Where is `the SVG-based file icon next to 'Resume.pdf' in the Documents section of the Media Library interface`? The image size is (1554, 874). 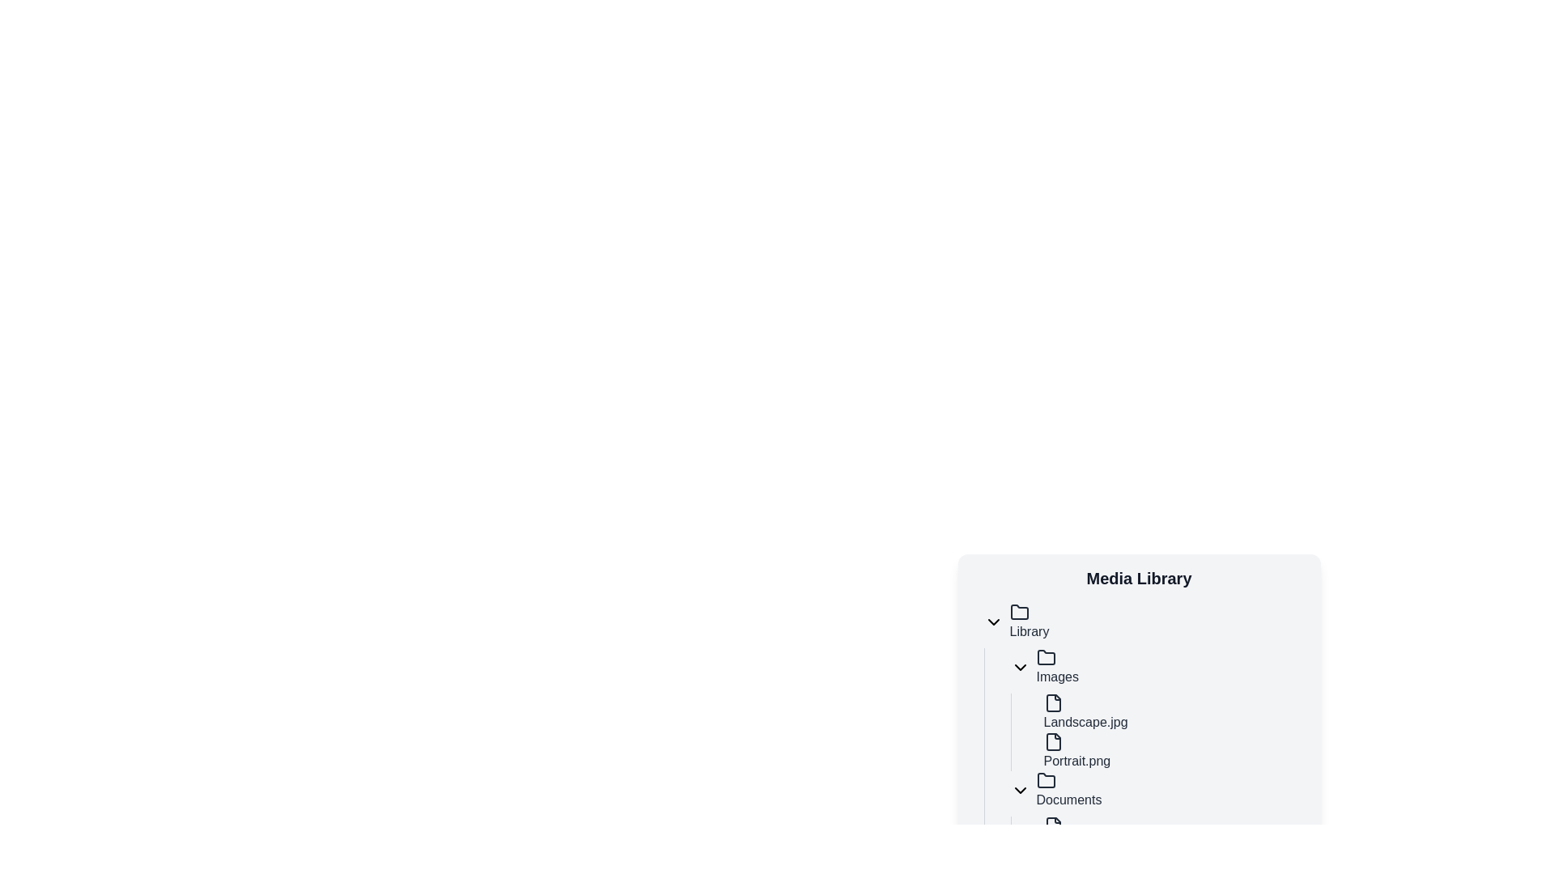 the SVG-based file icon next to 'Resume.pdf' in the Documents section of the Media Library interface is located at coordinates (1053, 826).